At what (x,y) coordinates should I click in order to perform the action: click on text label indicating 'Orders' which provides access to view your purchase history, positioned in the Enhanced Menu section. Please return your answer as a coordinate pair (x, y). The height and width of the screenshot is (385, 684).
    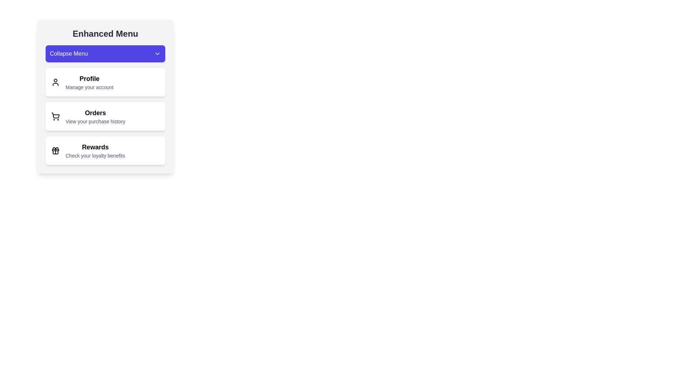
    Looking at the image, I should click on (95, 112).